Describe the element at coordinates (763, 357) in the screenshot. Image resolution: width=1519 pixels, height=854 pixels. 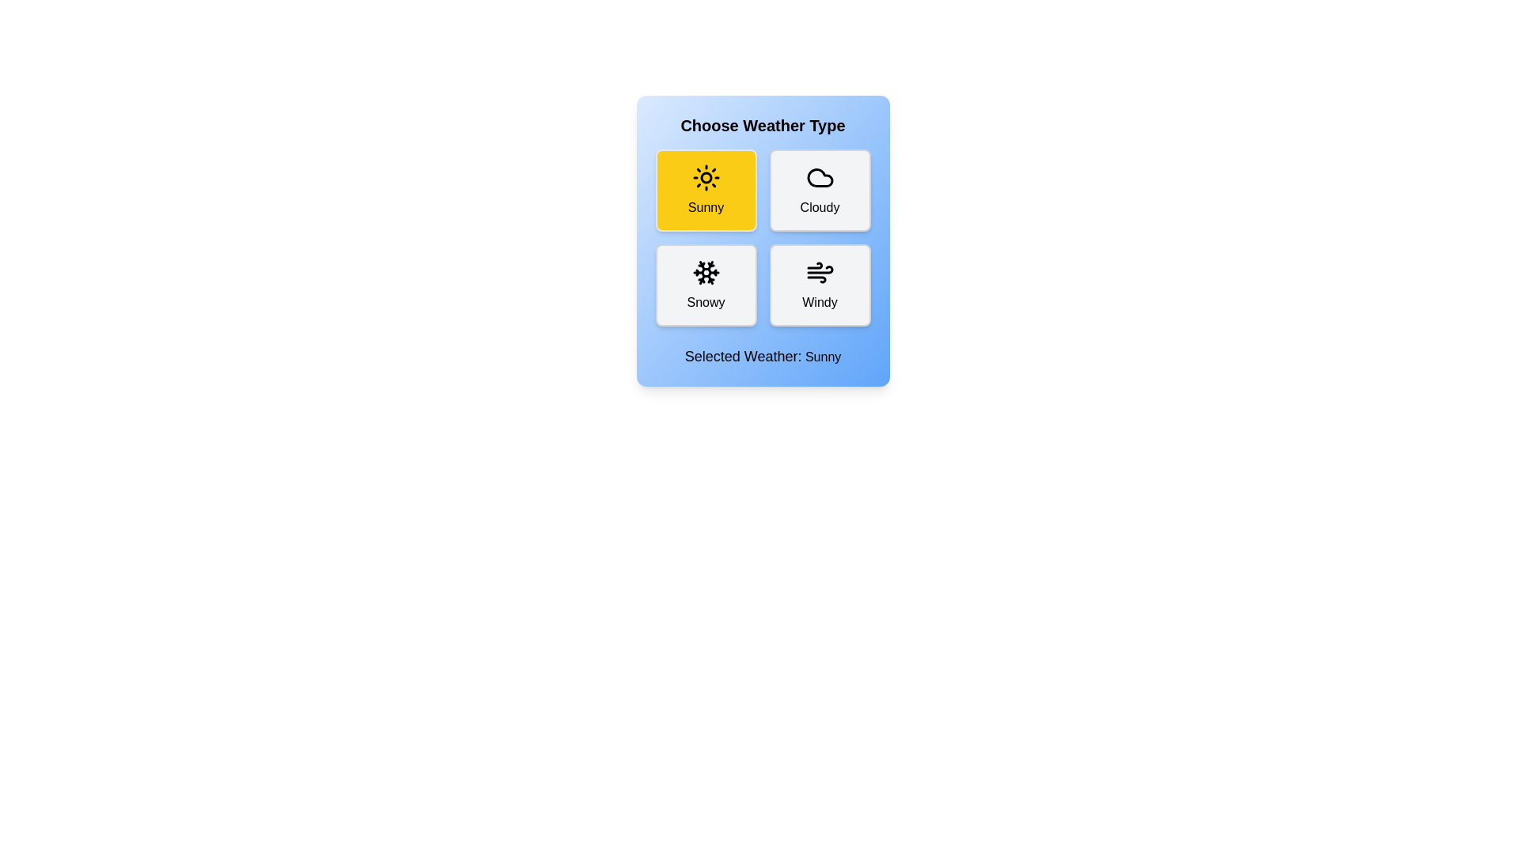
I see `the text content of the element displaying the selected weather` at that location.